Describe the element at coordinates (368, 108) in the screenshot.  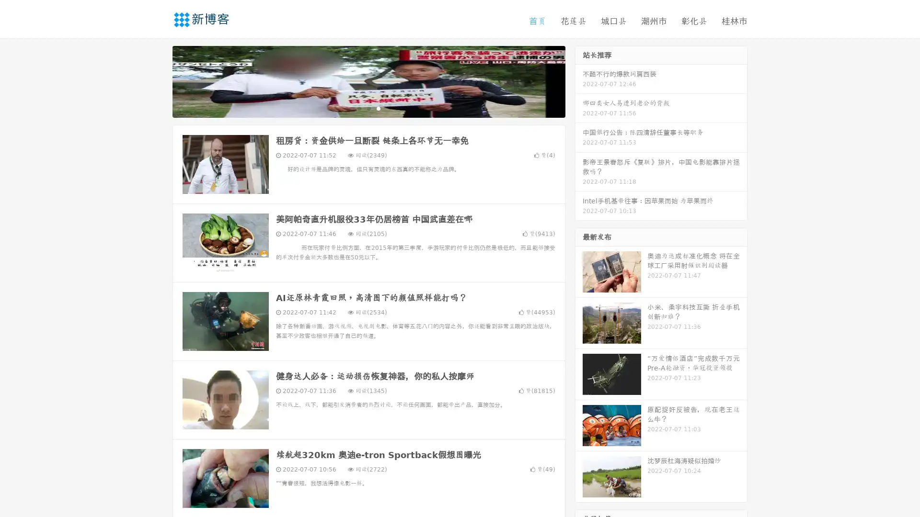
I see `Go to slide 2` at that location.